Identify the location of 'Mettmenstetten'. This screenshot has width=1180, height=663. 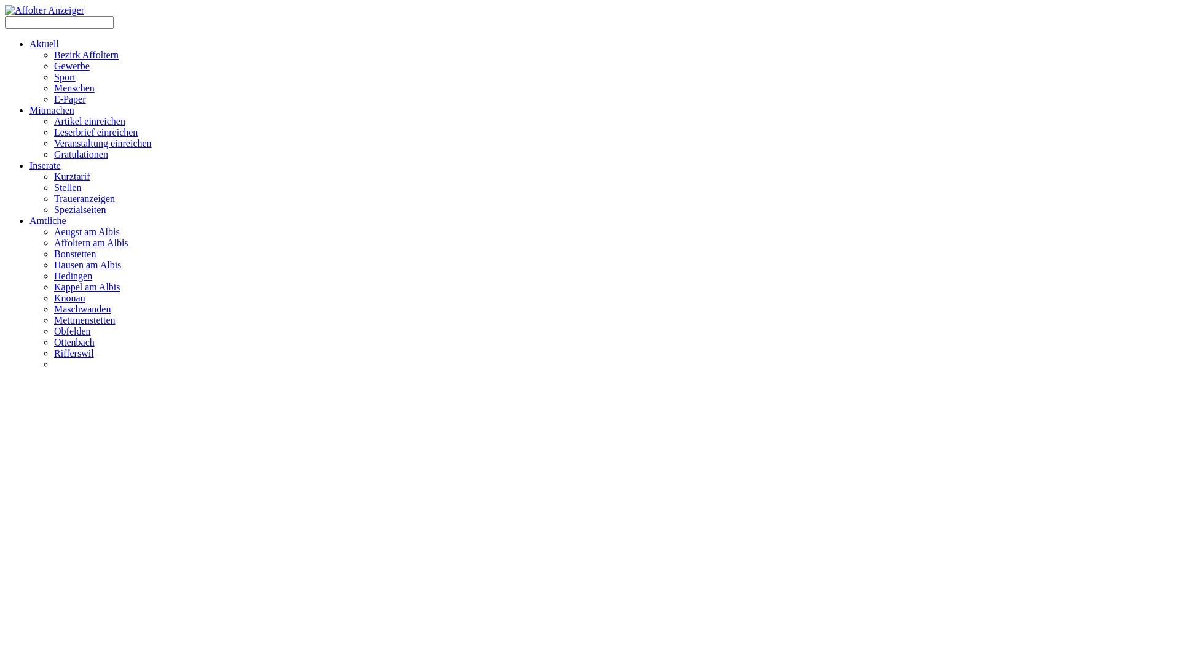
(53, 319).